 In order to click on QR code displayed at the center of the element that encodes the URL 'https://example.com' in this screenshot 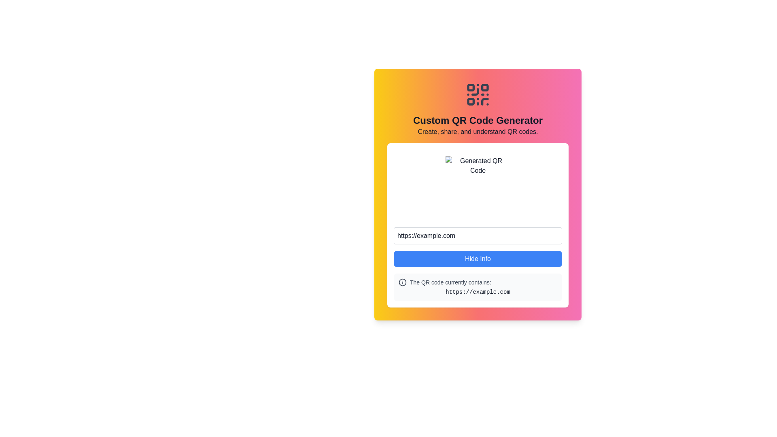, I will do `click(478, 189)`.